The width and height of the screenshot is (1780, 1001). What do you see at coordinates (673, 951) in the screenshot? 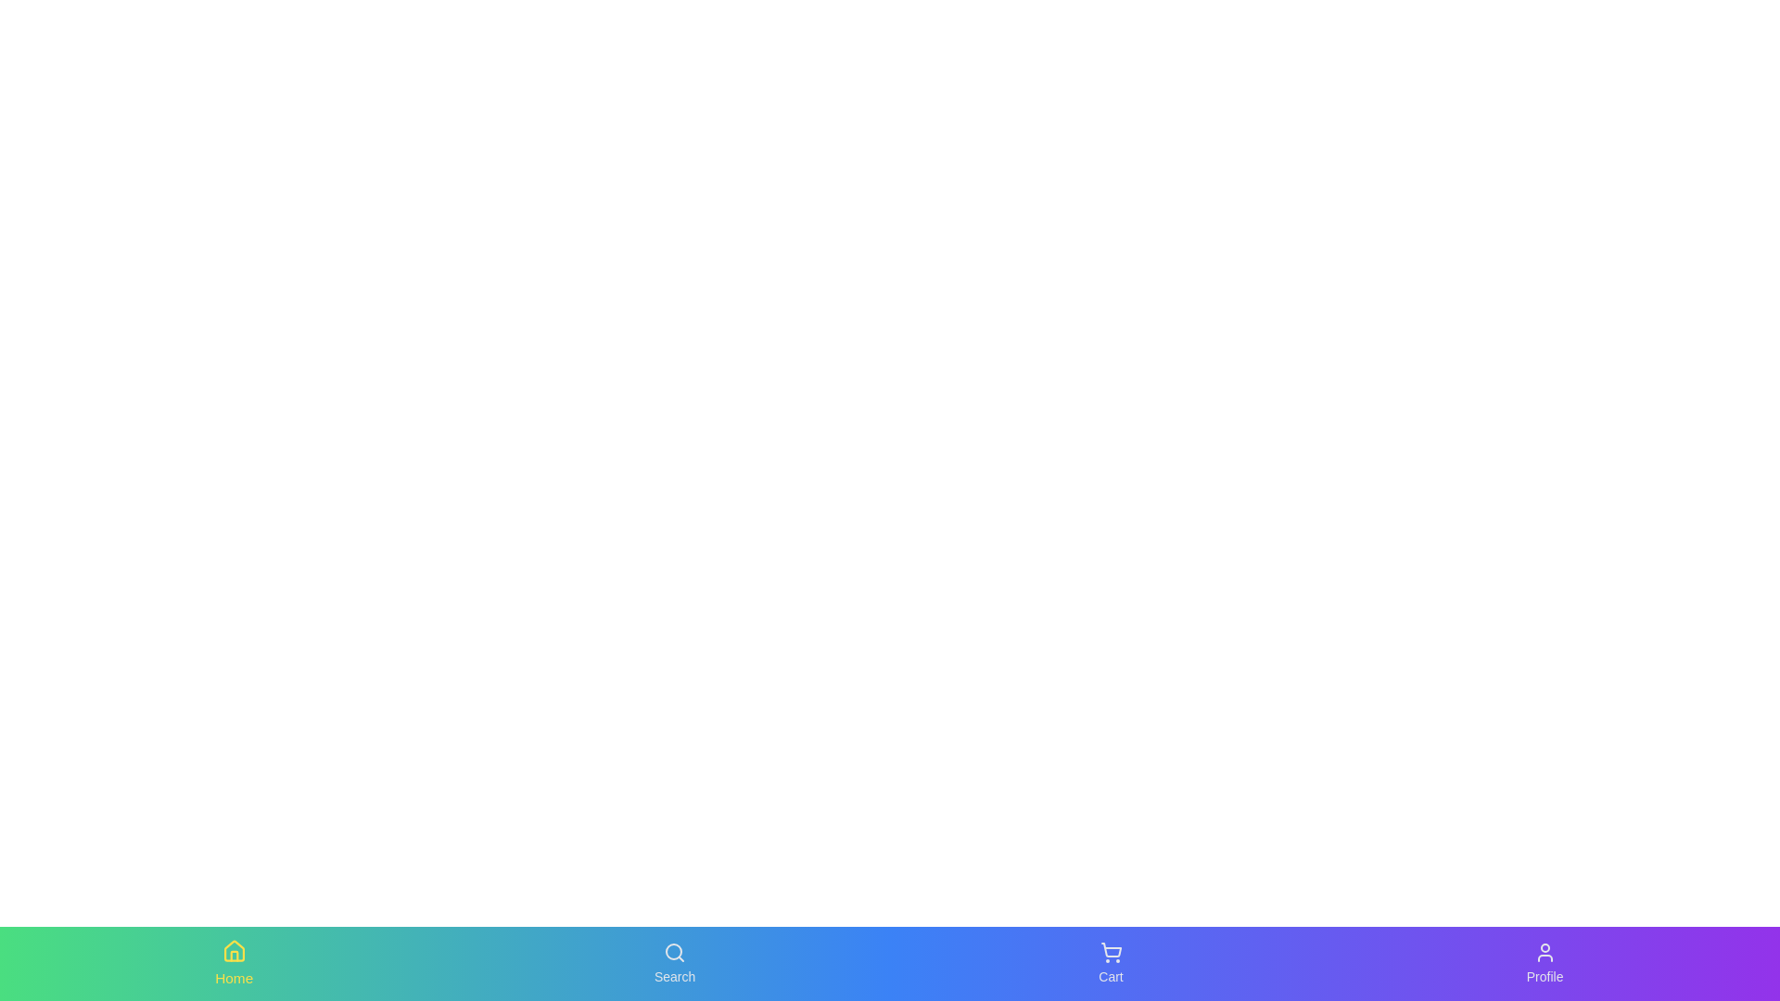
I see `the circular magnifying glass icon representing the search functionality located in the center-right of the bottom navigation bar` at bounding box center [673, 951].